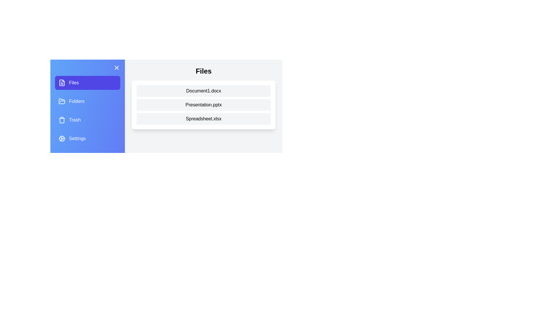  Describe the element at coordinates (87, 139) in the screenshot. I see `the Settings tab from the menu` at that location.